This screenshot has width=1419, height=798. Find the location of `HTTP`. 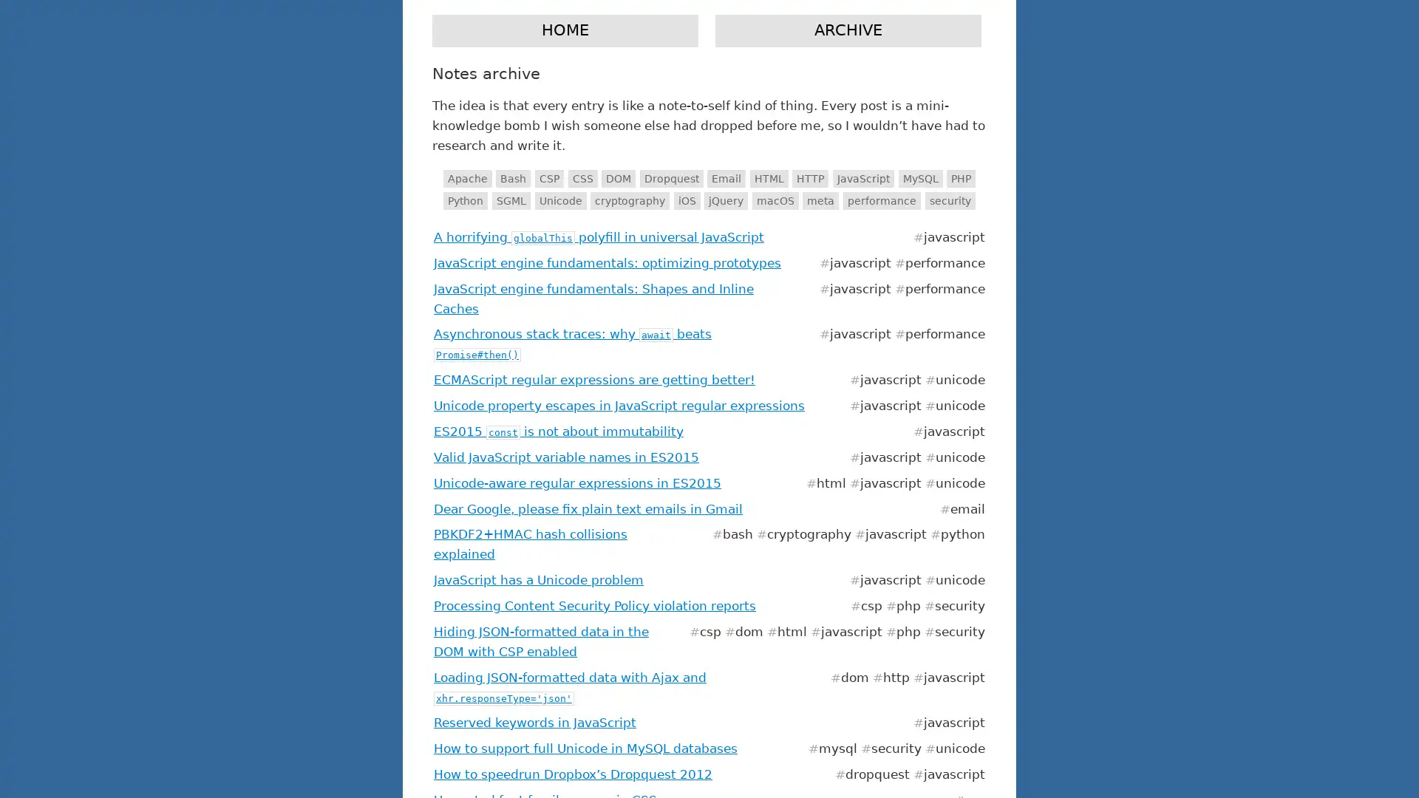

HTTP is located at coordinates (809, 178).